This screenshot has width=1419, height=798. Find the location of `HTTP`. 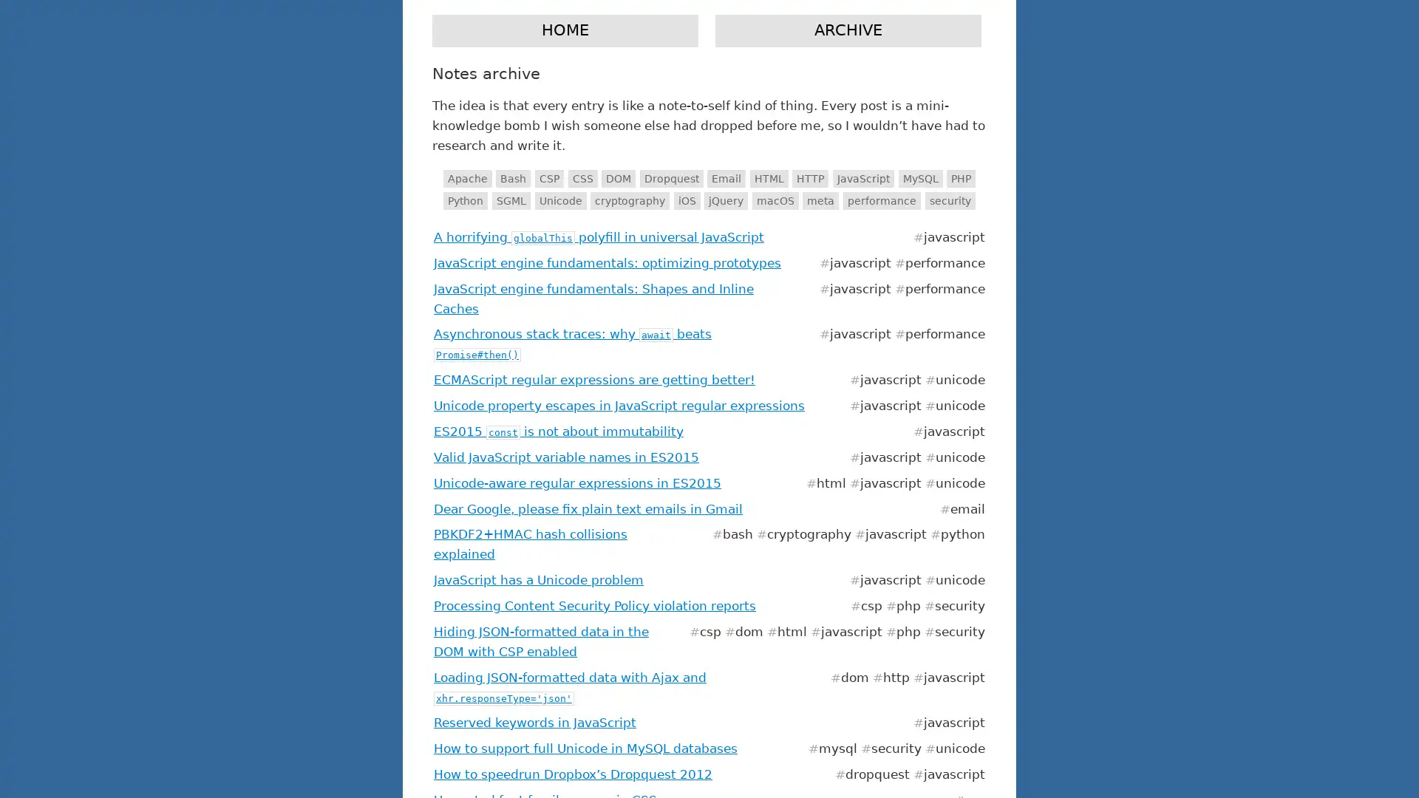

HTTP is located at coordinates (809, 178).